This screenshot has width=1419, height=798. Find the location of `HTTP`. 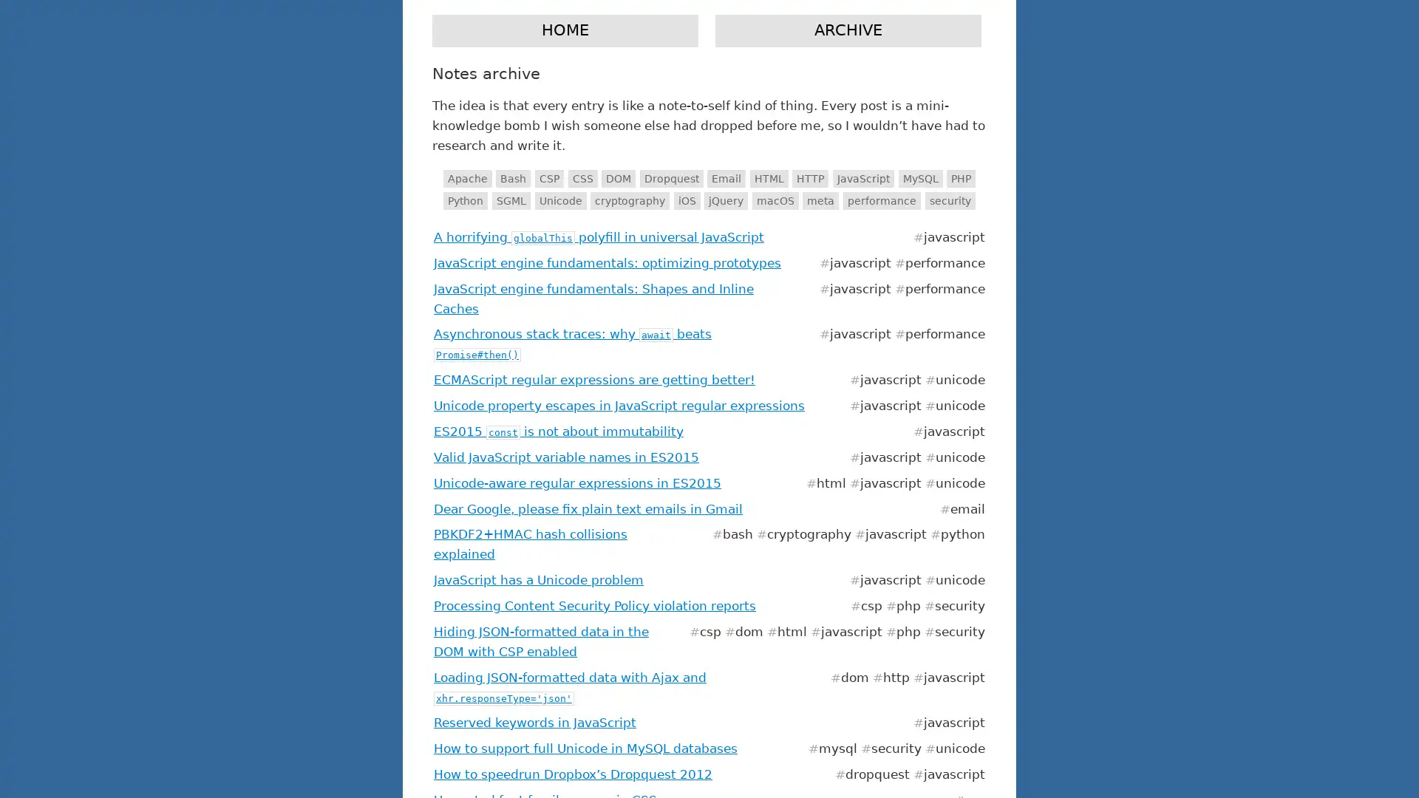

HTTP is located at coordinates (809, 178).